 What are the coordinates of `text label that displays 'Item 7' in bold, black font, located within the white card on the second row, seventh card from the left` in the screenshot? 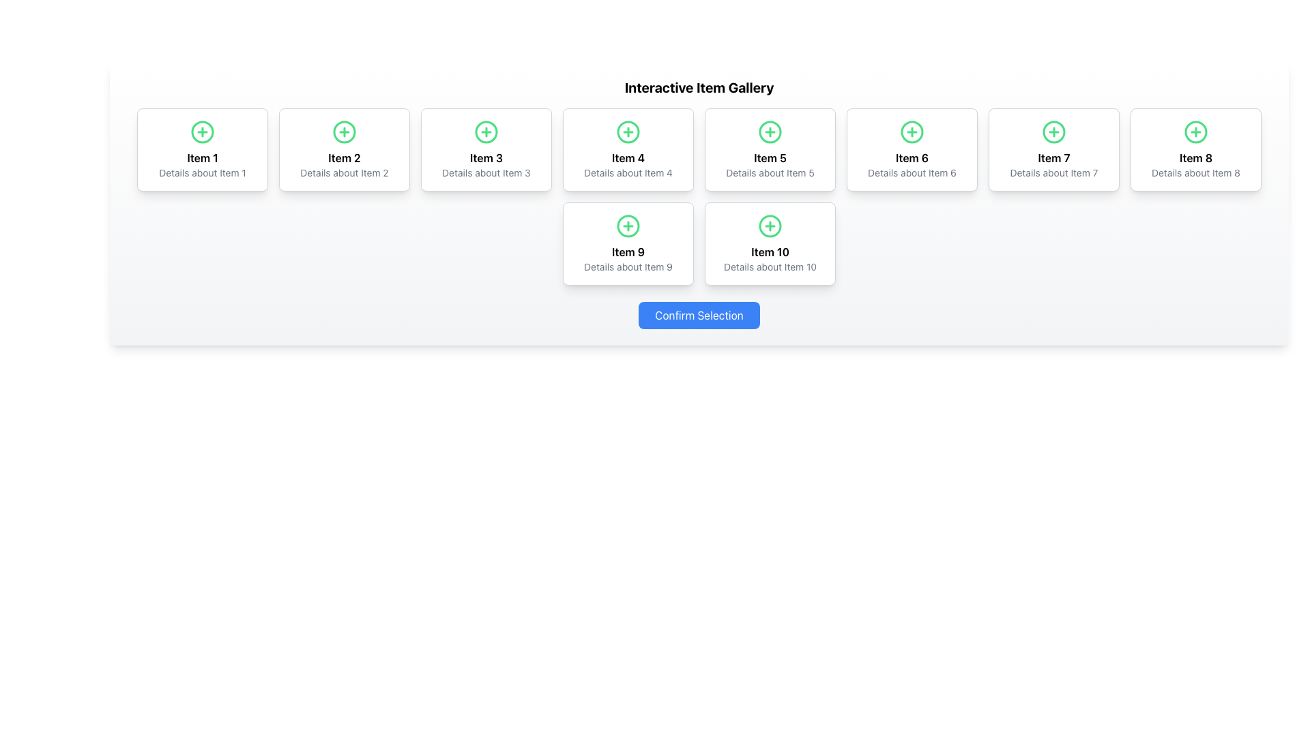 It's located at (1053, 157).